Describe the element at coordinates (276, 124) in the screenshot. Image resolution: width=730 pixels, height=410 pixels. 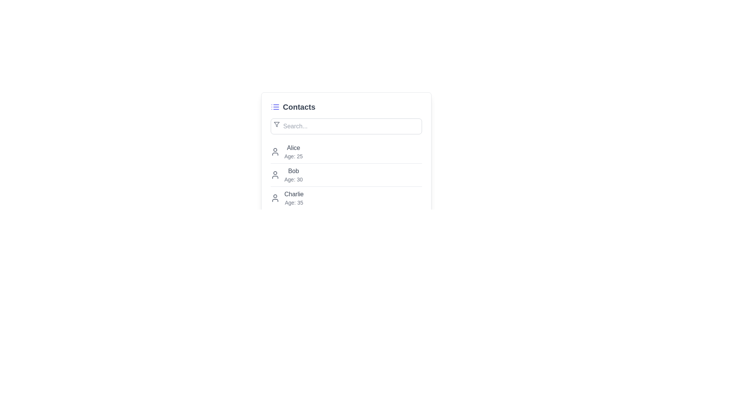
I see `the filter icon located in the top-left corner above the search bar in the contacts interface` at that location.